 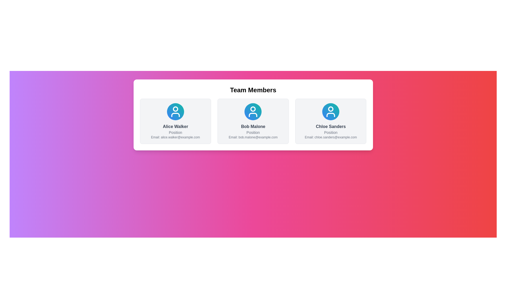 I want to click on the Profile Card displaying information about Bob Malone, which is the middle card in a horizontally aligned grid below the 'Team Members' title, so click(x=253, y=121).